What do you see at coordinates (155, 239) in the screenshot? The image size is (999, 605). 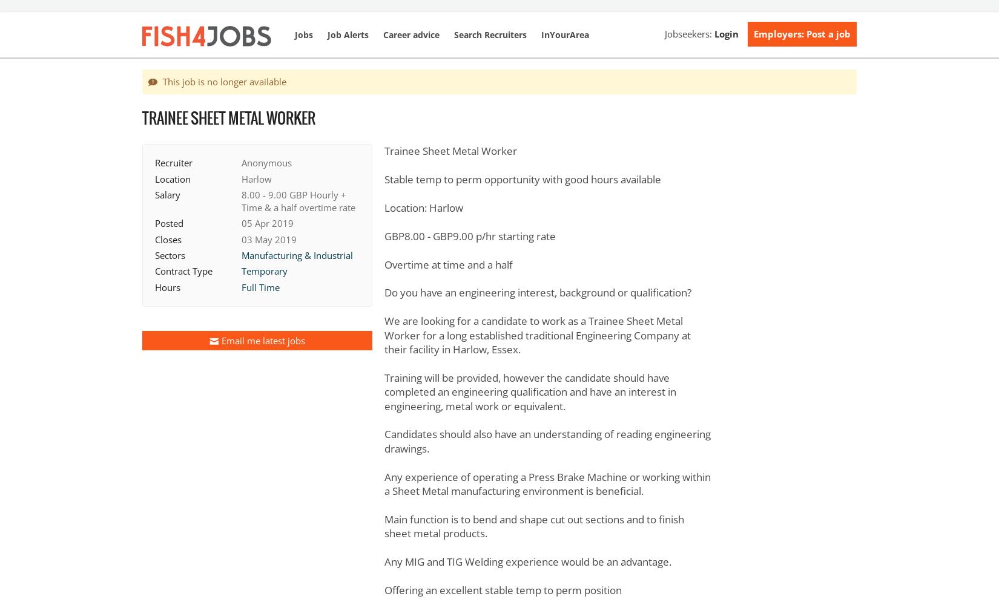 I see `'Closes'` at bounding box center [155, 239].